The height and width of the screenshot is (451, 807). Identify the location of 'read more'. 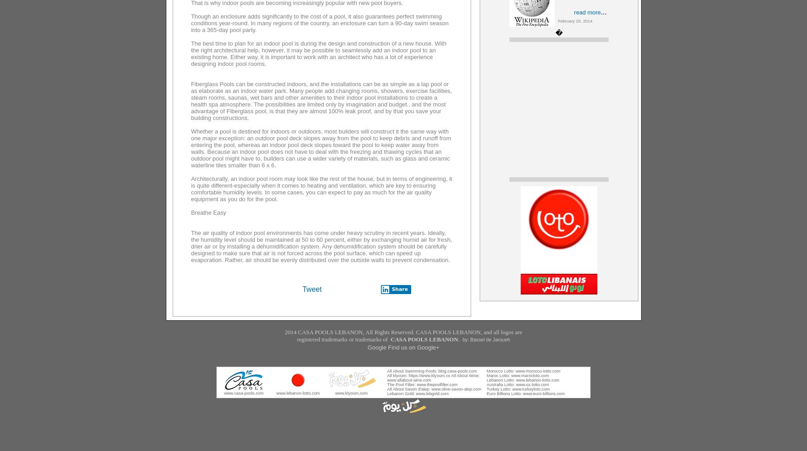
(587, 12).